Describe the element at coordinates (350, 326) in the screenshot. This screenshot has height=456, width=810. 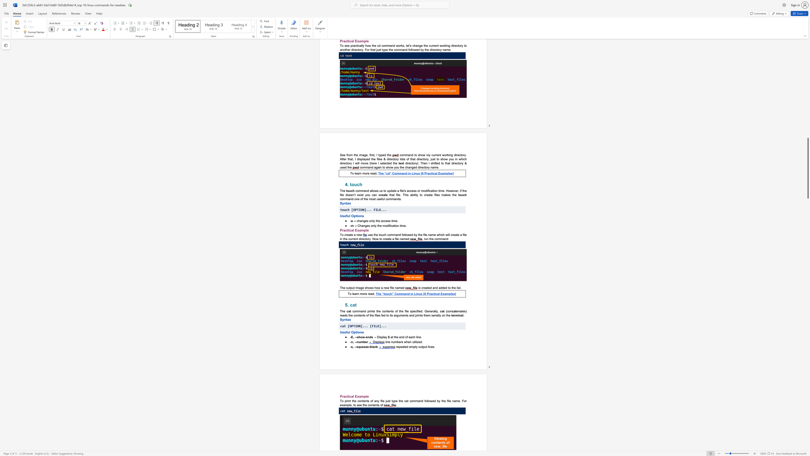
I see `the 1th character "O" in the text` at that location.